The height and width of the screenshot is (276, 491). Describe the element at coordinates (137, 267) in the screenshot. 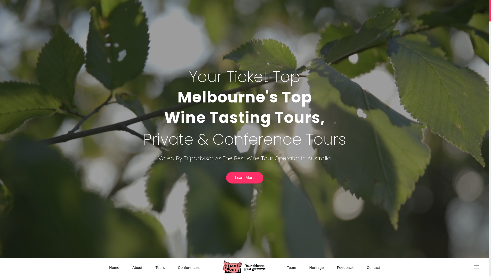

I see `'About'` at that location.